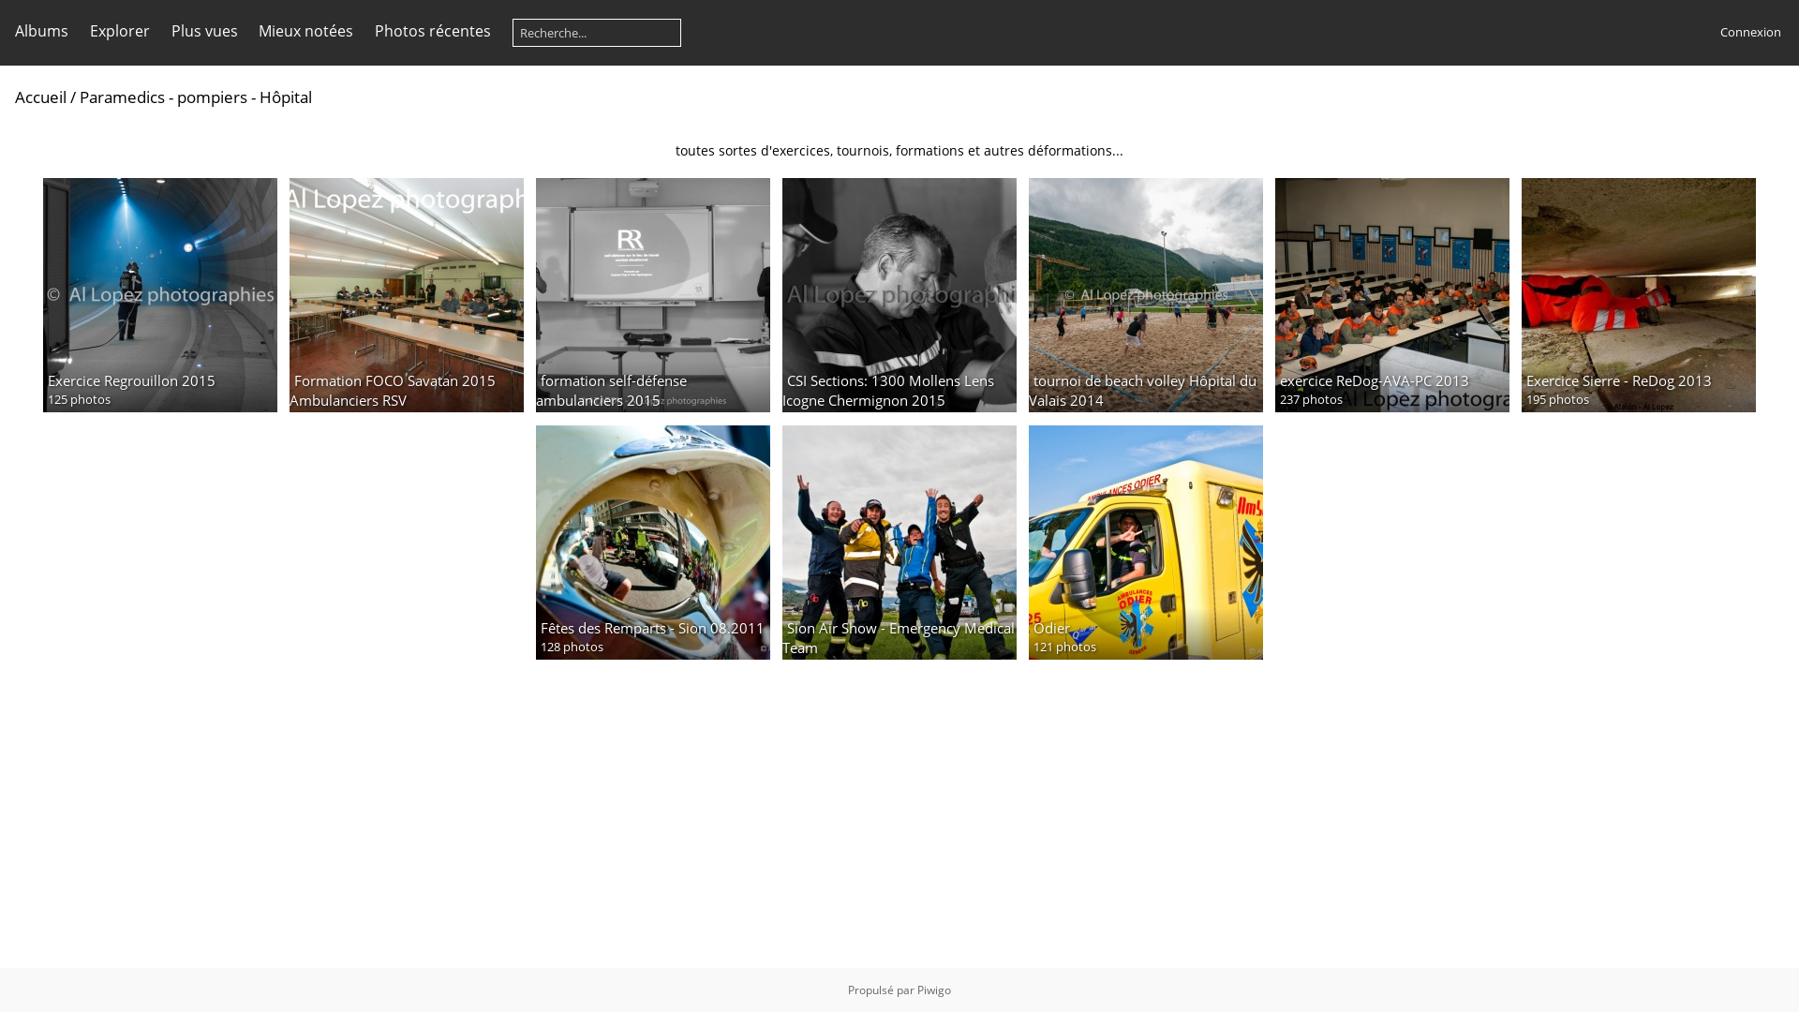 The image size is (1799, 1012). Describe the element at coordinates (203, 31) in the screenshot. I see `'Plus vues'` at that location.